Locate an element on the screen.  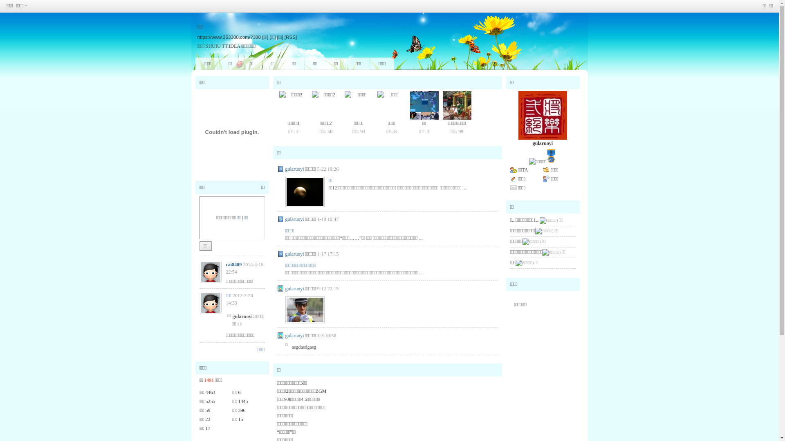
'gularuoyi' is located at coordinates (294, 168).